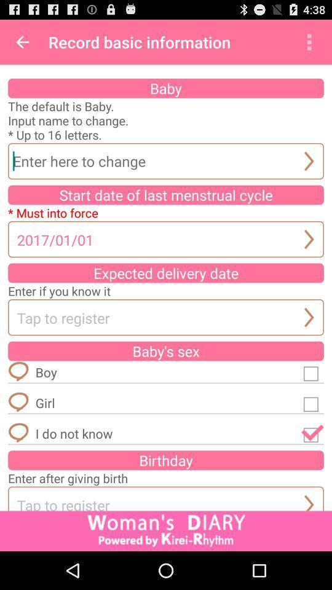 Image resolution: width=332 pixels, height=590 pixels. What do you see at coordinates (166, 160) in the screenshot?
I see `baby name` at bounding box center [166, 160].